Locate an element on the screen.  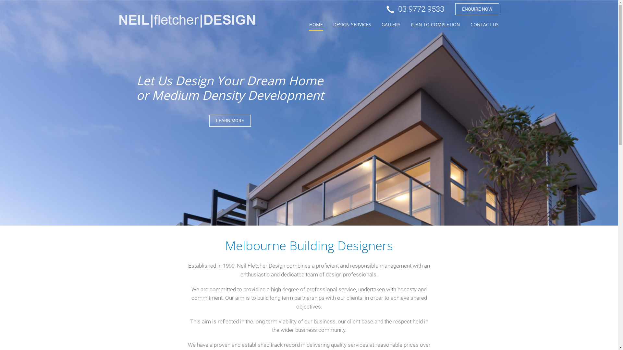
'ENQUIRE NOW' is located at coordinates (477, 9).